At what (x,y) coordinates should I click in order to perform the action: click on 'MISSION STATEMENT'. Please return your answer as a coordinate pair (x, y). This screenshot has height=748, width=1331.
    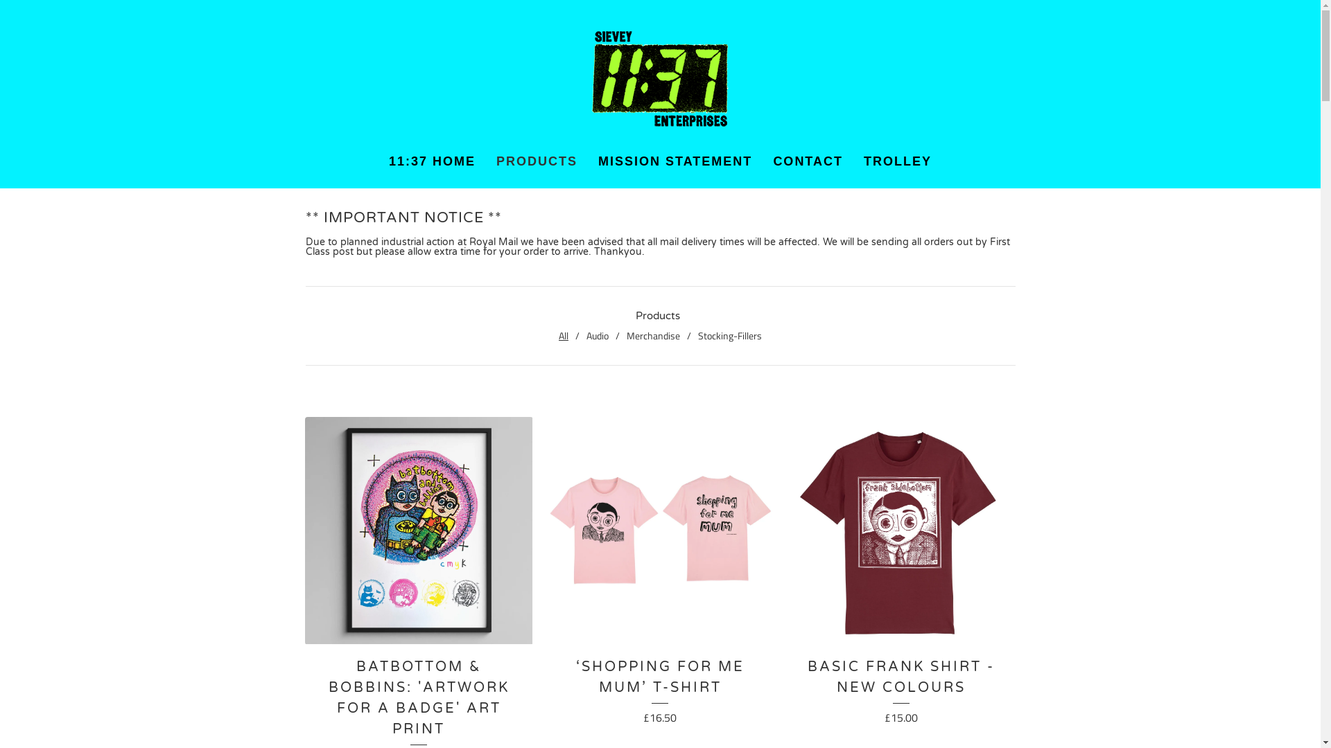
    Looking at the image, I should click on (675, 160).